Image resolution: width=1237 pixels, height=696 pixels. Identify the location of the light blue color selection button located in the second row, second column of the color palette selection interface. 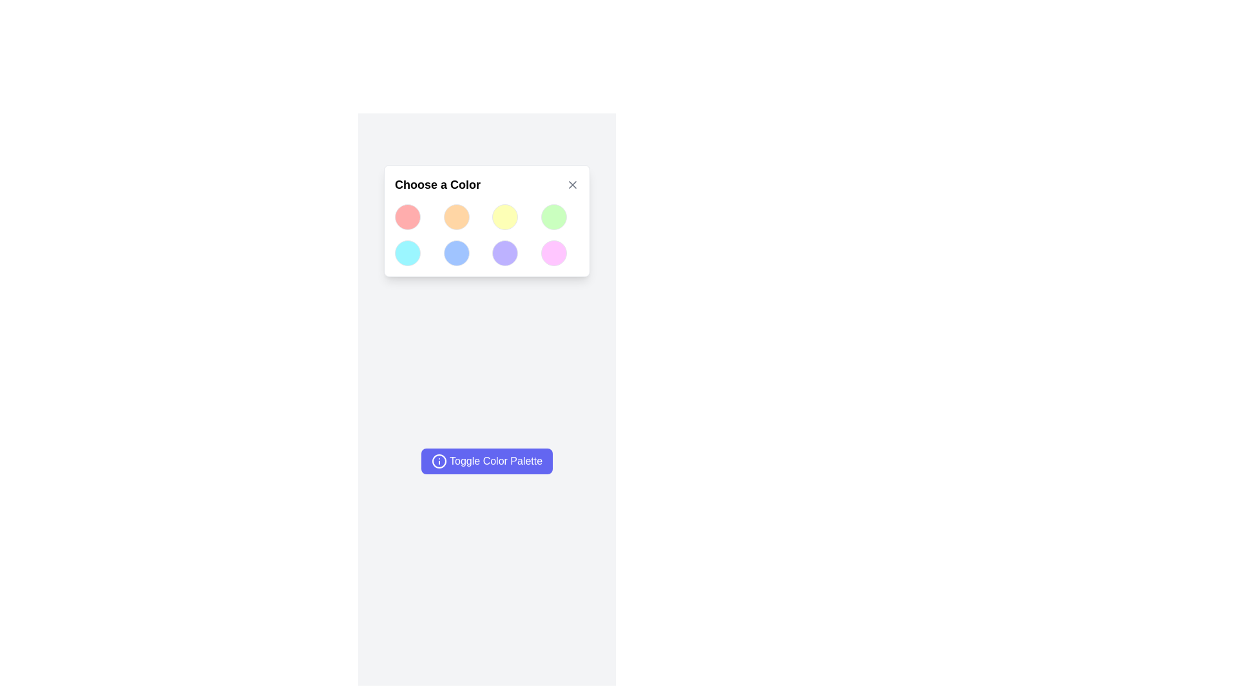
(456, 253).